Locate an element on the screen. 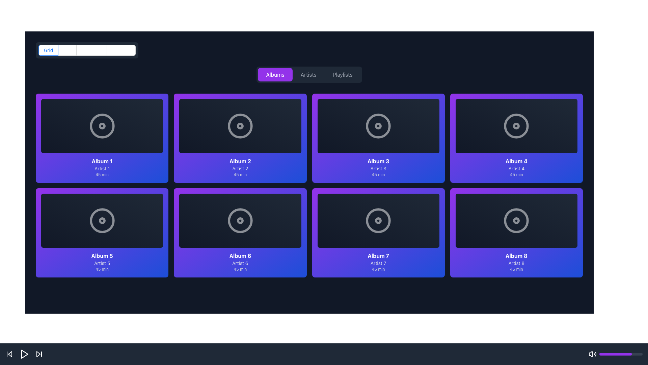 This screenshot has width=648, height=365. the 'List' radio button, which is styled as a selectable option with a white font on a dark background, positioned second from the left among 'Grid', 'Compact', and 'Detailed' radio buttons is located at coordinates (67, 50).